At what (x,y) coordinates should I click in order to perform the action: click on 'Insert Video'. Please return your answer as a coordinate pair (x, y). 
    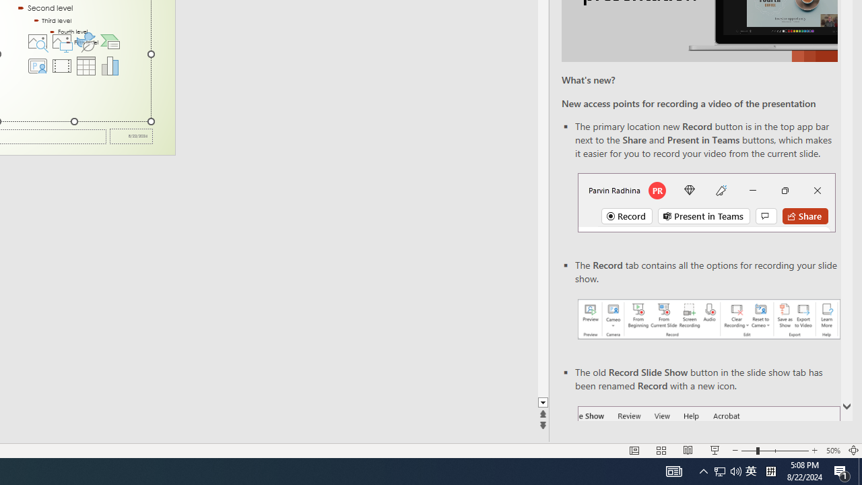
    Looking at the image, I should click on (61, 65).